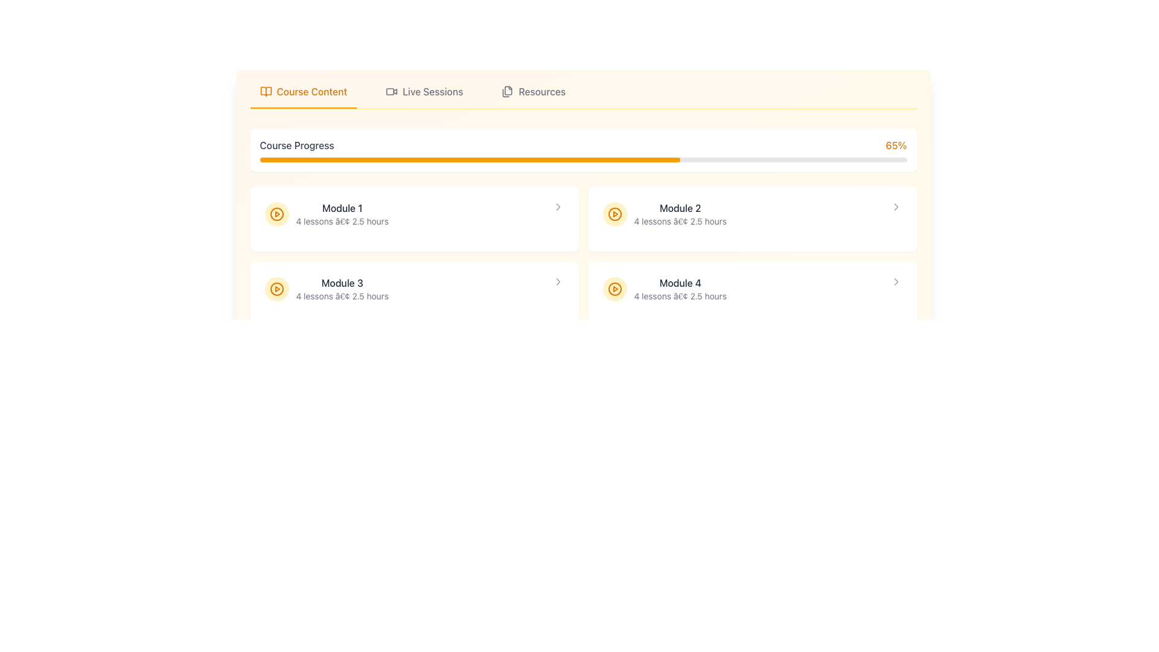  Describe the element at coordinates (424, 95) in the screenshot. I see `the 'Live Sessions' navigation link located in the horizontal navigation bar at the top of the interface, positioned between 'Course Content' and 'Resources'` at that location.